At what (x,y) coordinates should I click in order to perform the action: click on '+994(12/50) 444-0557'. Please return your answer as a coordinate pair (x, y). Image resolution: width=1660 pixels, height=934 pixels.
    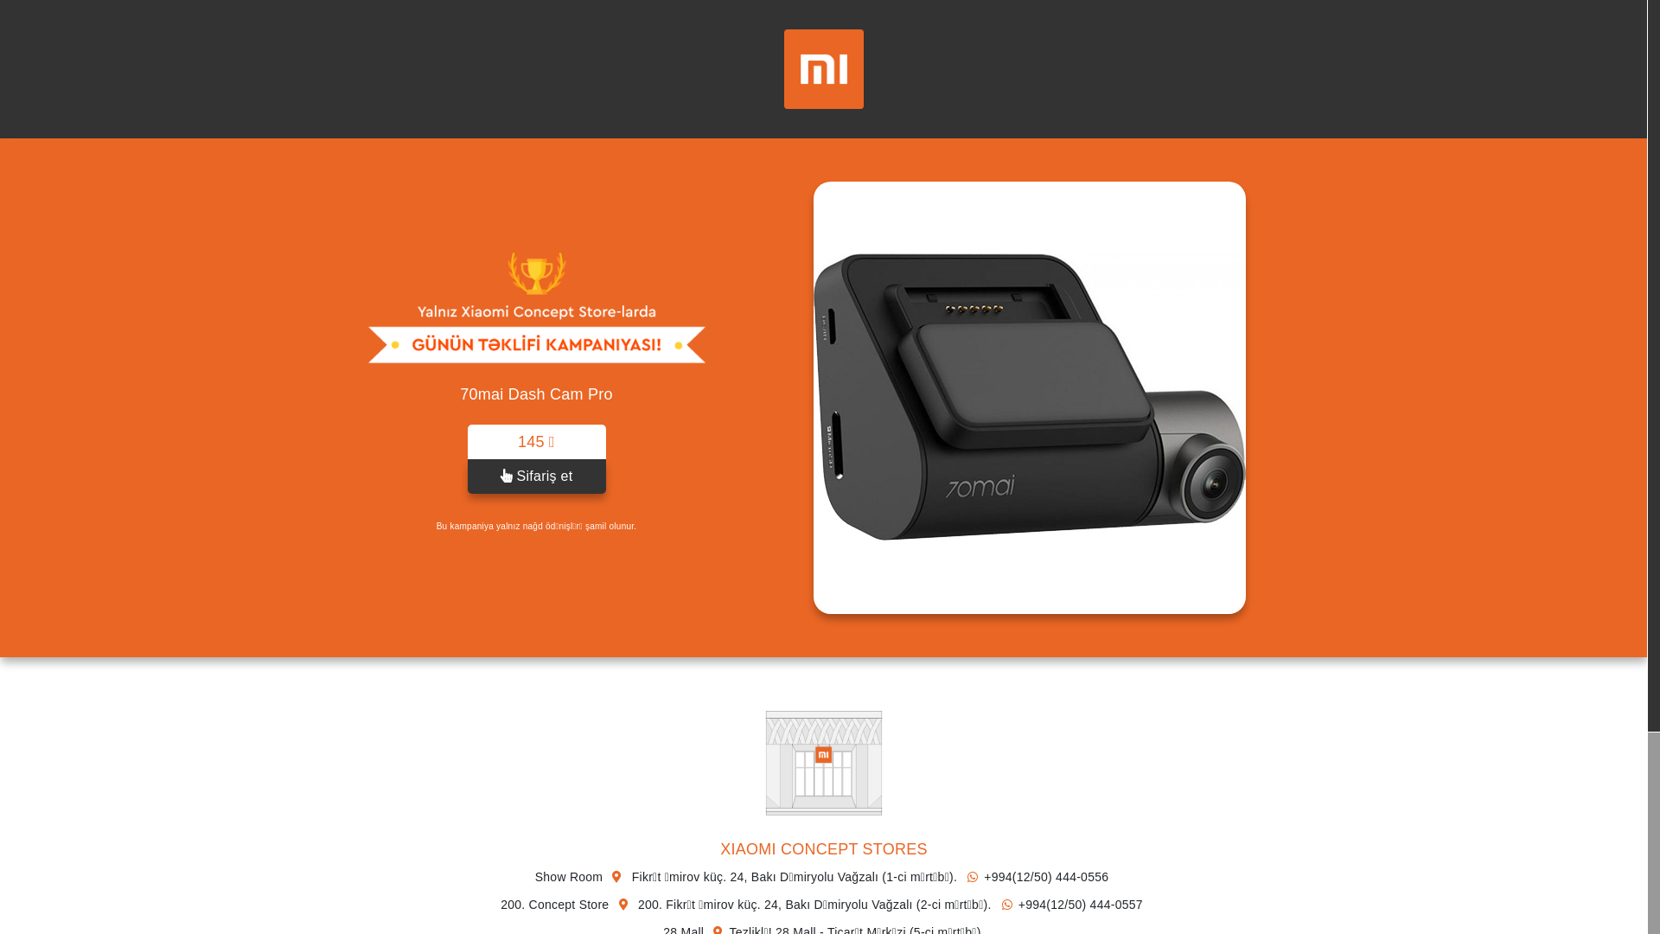
    Looking at the image, I should click on (1069, 904).